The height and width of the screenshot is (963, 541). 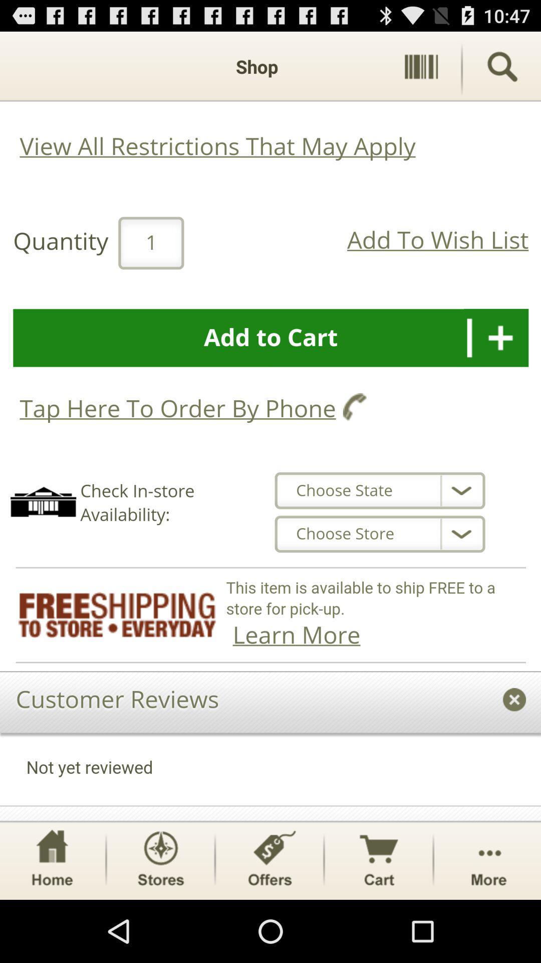 What do you see at coordinates (379, 920) in the screenshot?
I see `the cart icon` at bounding box center [379, 920].